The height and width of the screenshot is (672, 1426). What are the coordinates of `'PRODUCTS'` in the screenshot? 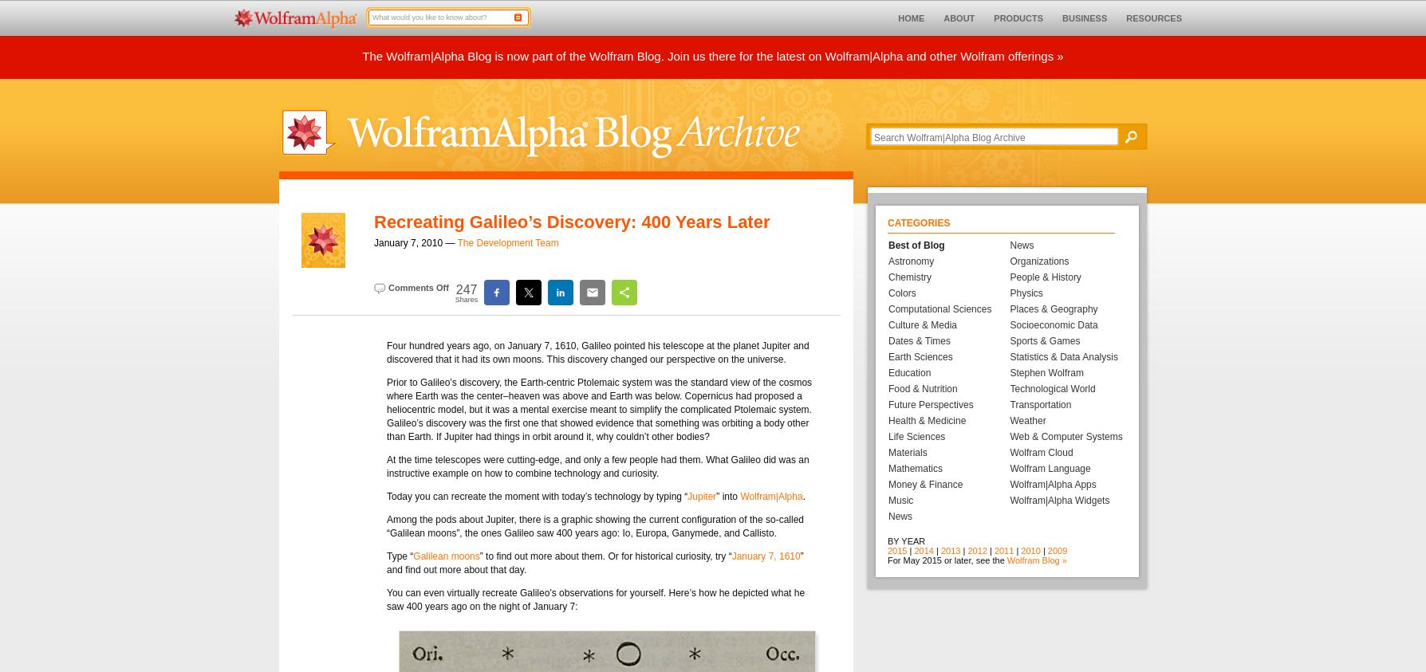 It's located at (1017, 18).